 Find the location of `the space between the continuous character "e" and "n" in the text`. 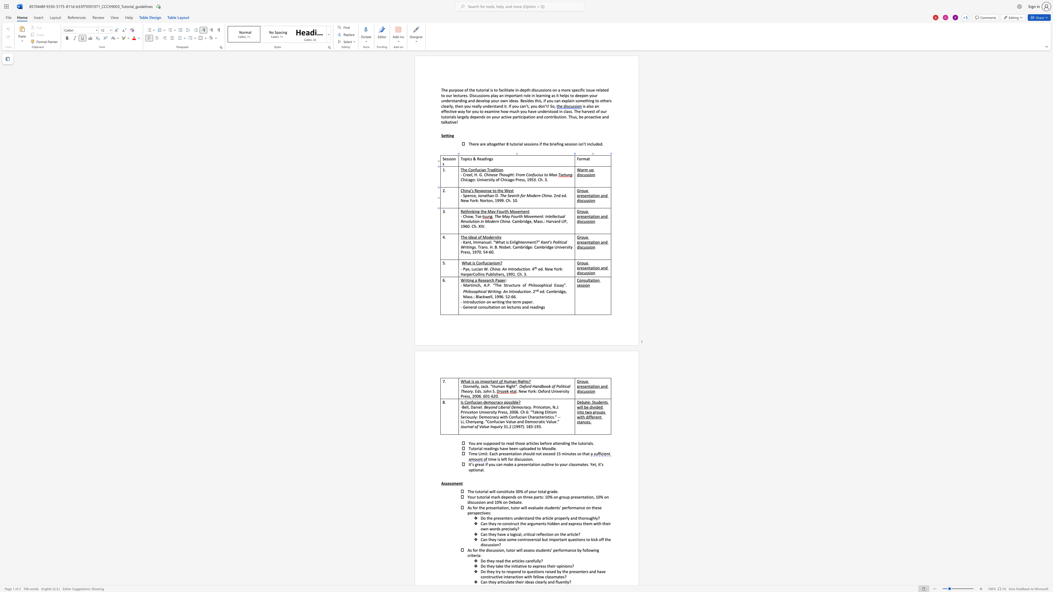

the space between the continuous character "e" and "n" in the text is located at coordinates (525, 211).